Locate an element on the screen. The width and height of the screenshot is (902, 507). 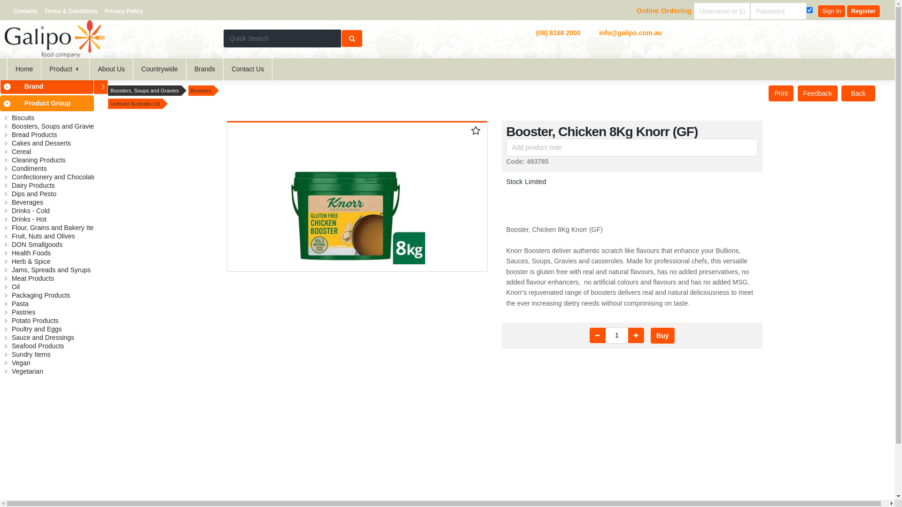
'Click to hide/show Categories' is located at coordinates (98, 87).